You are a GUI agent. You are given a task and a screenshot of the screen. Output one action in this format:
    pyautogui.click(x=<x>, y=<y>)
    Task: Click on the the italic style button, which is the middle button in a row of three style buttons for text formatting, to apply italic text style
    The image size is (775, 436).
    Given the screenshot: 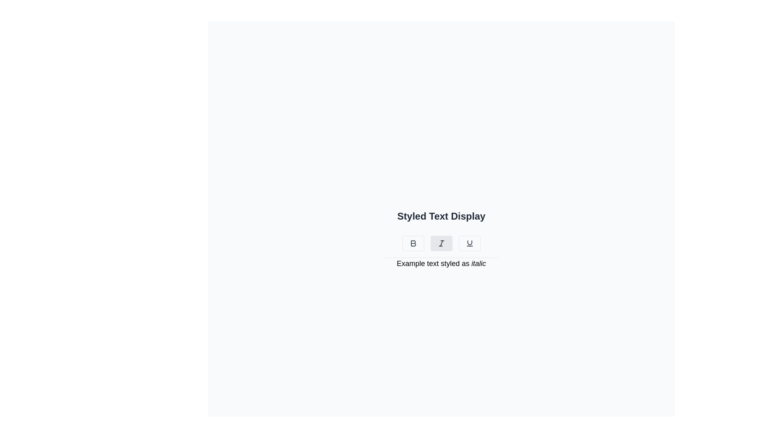 What is the action you would take?
    pyautogui.click(x=441, y=243)
    